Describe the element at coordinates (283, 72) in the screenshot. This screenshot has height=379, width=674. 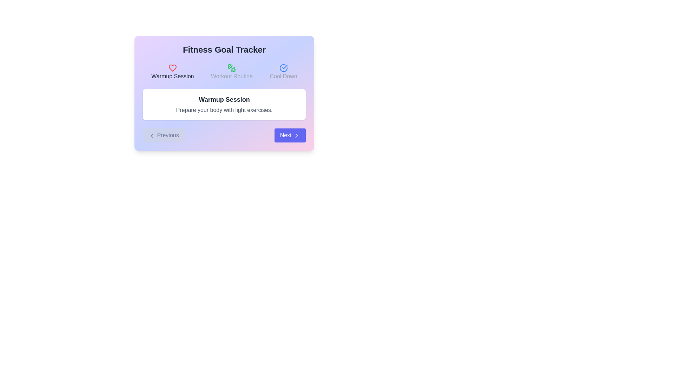
I see `the blue circular icon with a checkmark and the text 'Cool Down' beneath it, which is the third item in a horizontal row of selectable elements` at that location.